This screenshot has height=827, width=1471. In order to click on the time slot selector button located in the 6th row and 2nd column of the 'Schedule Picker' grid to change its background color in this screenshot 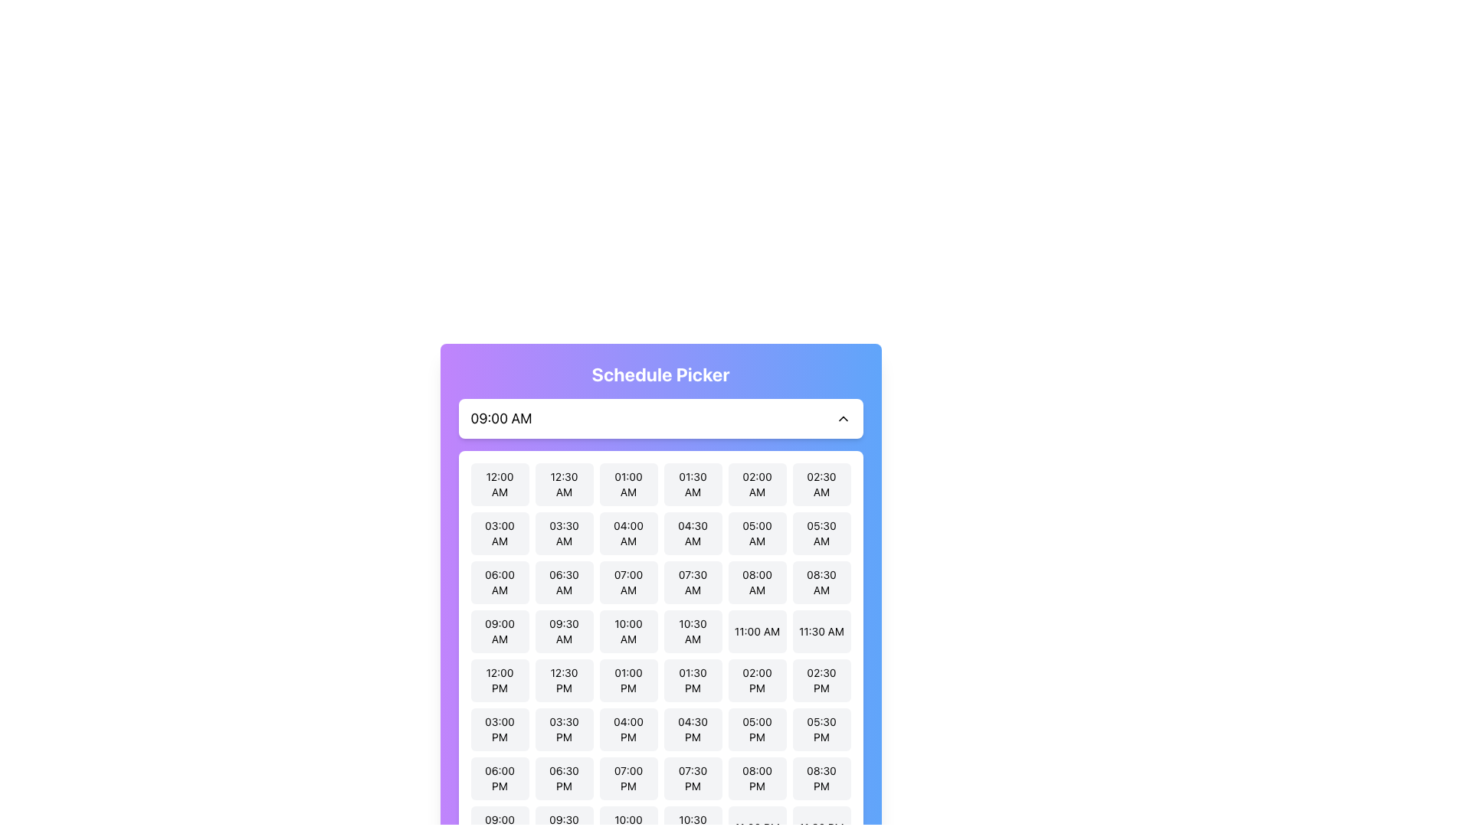, I will do `click(563, 728)`.